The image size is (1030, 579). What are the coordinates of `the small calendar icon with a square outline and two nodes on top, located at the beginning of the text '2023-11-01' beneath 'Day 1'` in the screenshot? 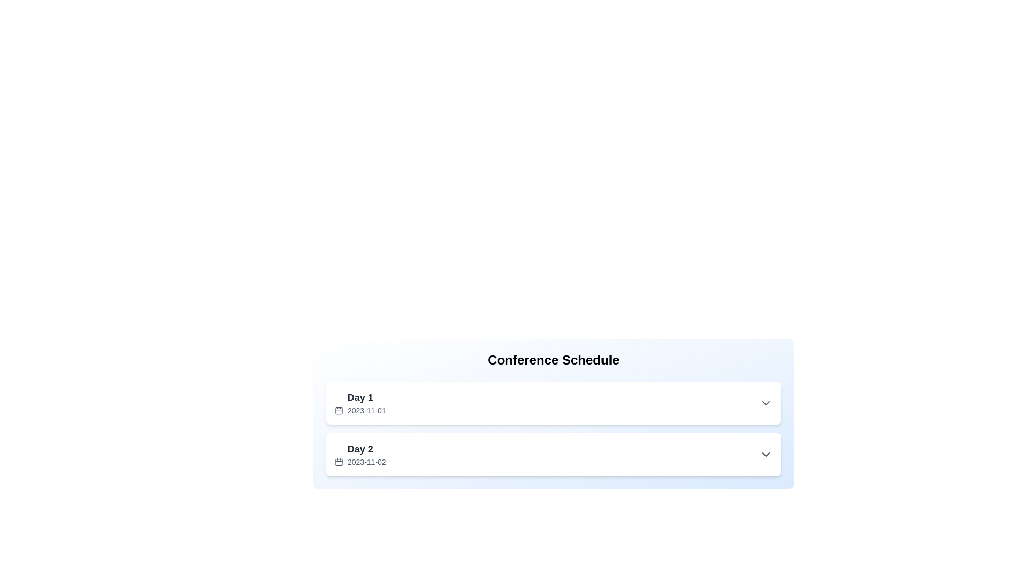 It's located at (339, 410).